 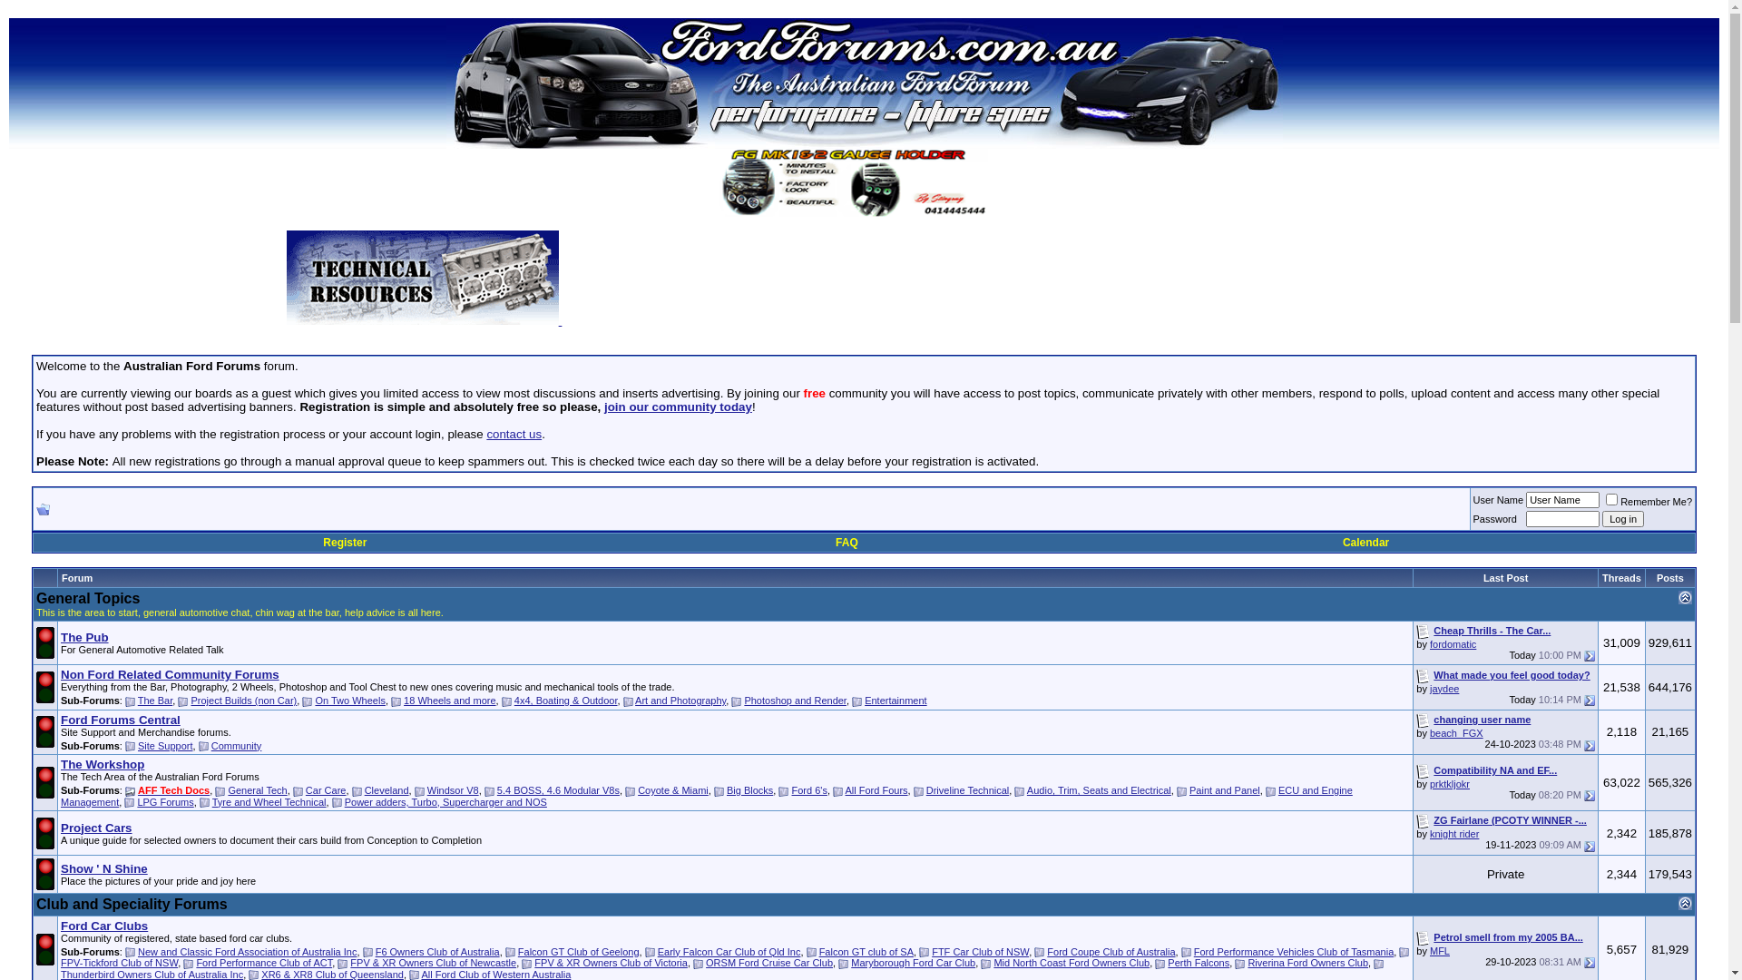 I want to click on 'Project Builds (non Car)', so click(x=242, y=699).